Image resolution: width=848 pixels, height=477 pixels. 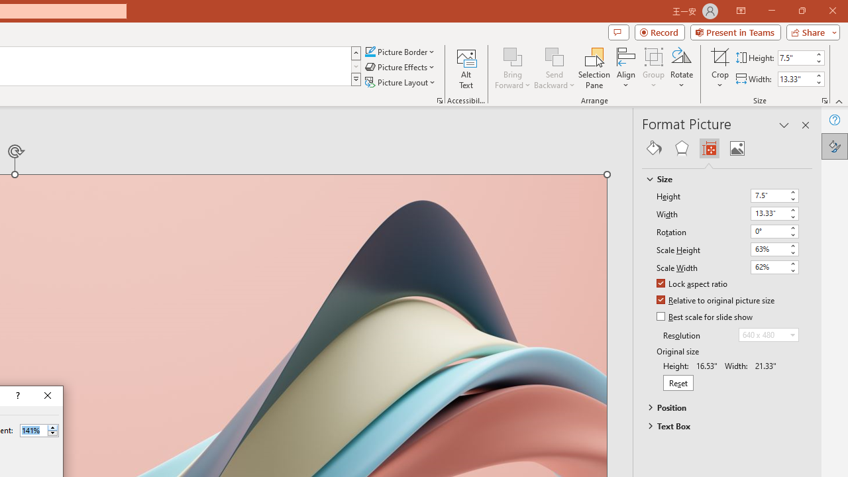 What do you see at coordinates (555, 56) in the screenshot?
I see `'Send Backward'` at bounding box center [555, 56].